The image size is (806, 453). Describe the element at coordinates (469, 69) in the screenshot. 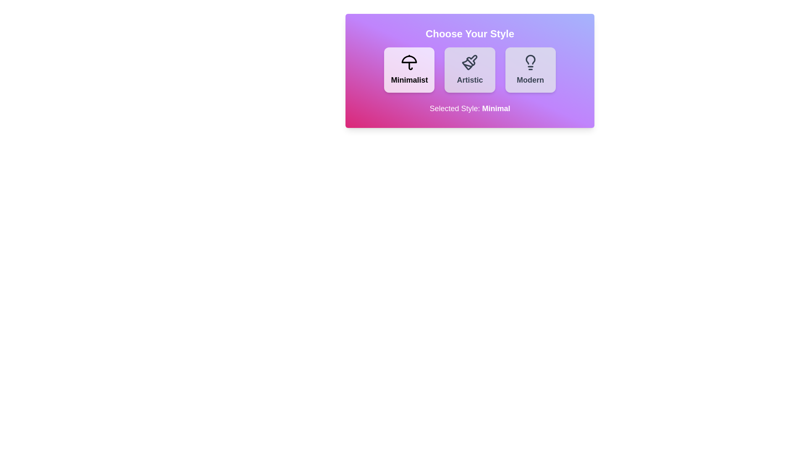

I see `the button corresponding to Artistic to select the desired style` at that location.